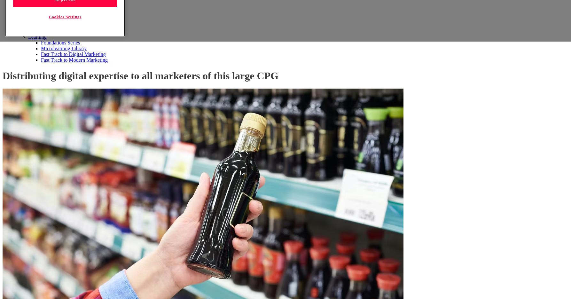  Describe the element at coordinates (64, 13) in the screenshot. I see `'Digital Transformation'` at that location.